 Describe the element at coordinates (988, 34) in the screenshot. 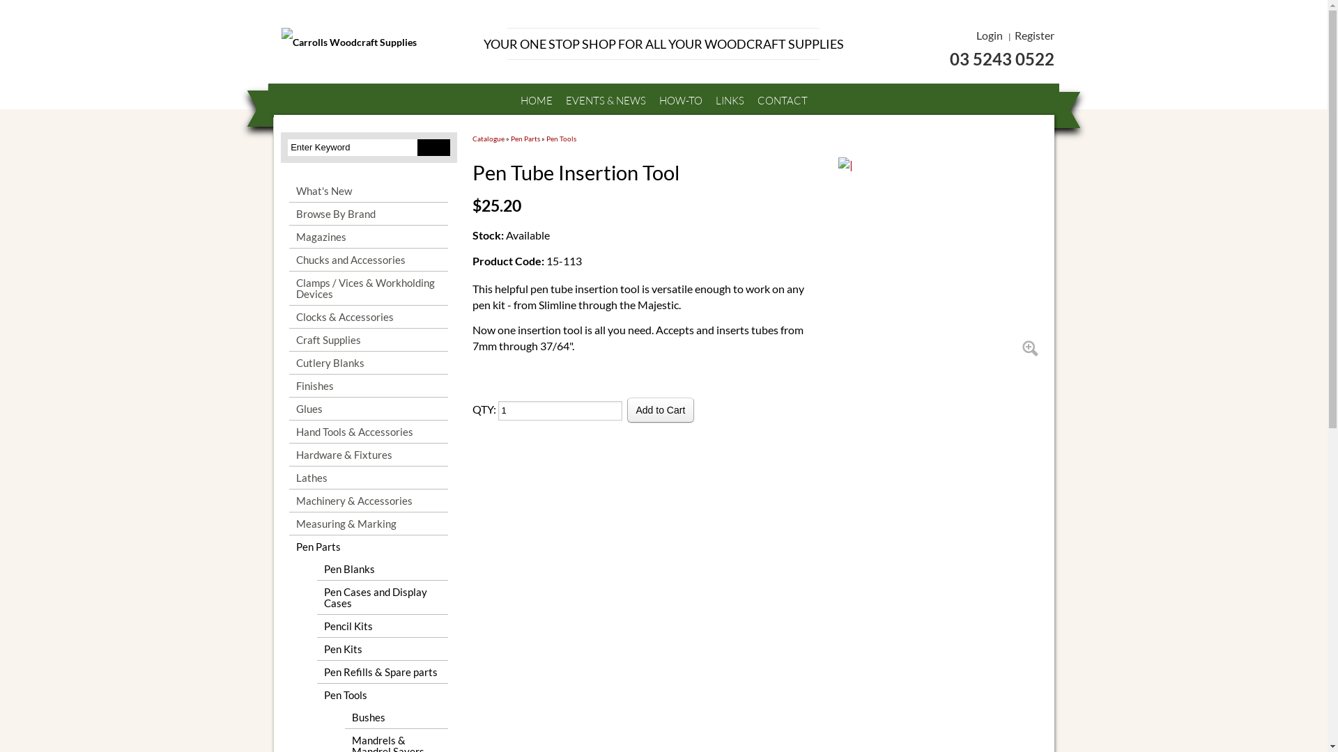

I see `'Login'` at that location.